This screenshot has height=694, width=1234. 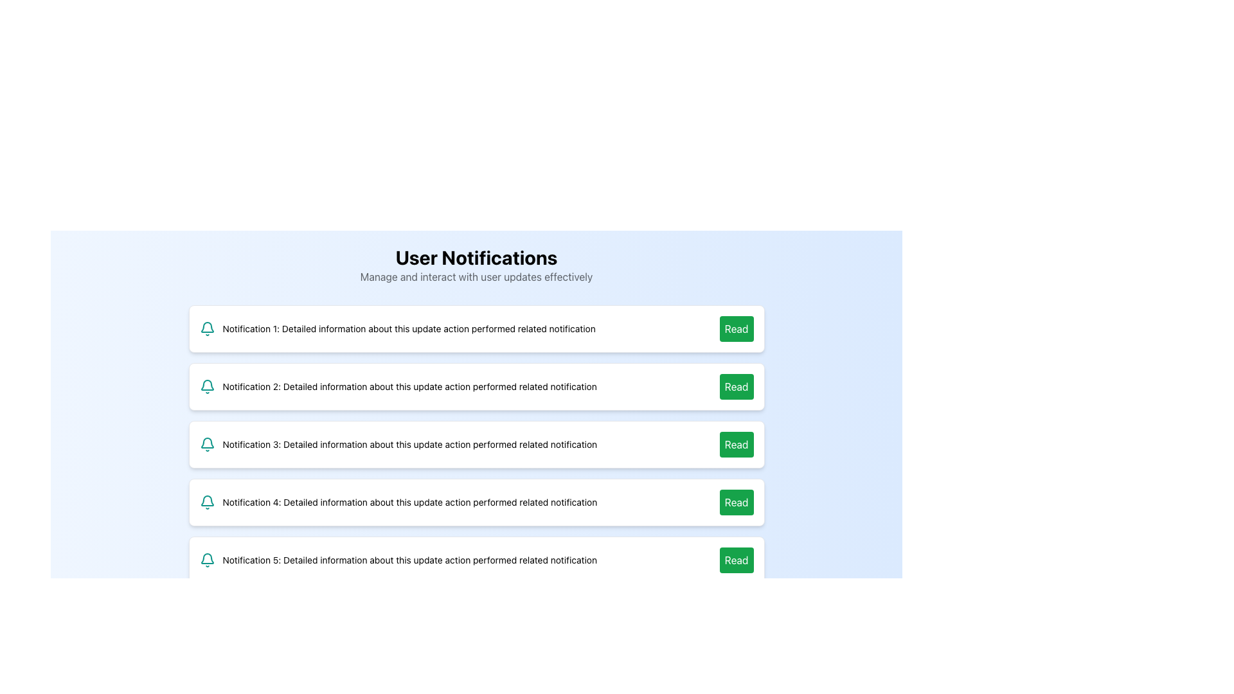 What do you see at coordinates (476, 559) in the screenshot?
I see `the notification entry displaying 'Notification 5: Detailed information about this update action performed related notification', which includes a green 'Read' button and a notification bell icon` at bounding box center [476, 559].